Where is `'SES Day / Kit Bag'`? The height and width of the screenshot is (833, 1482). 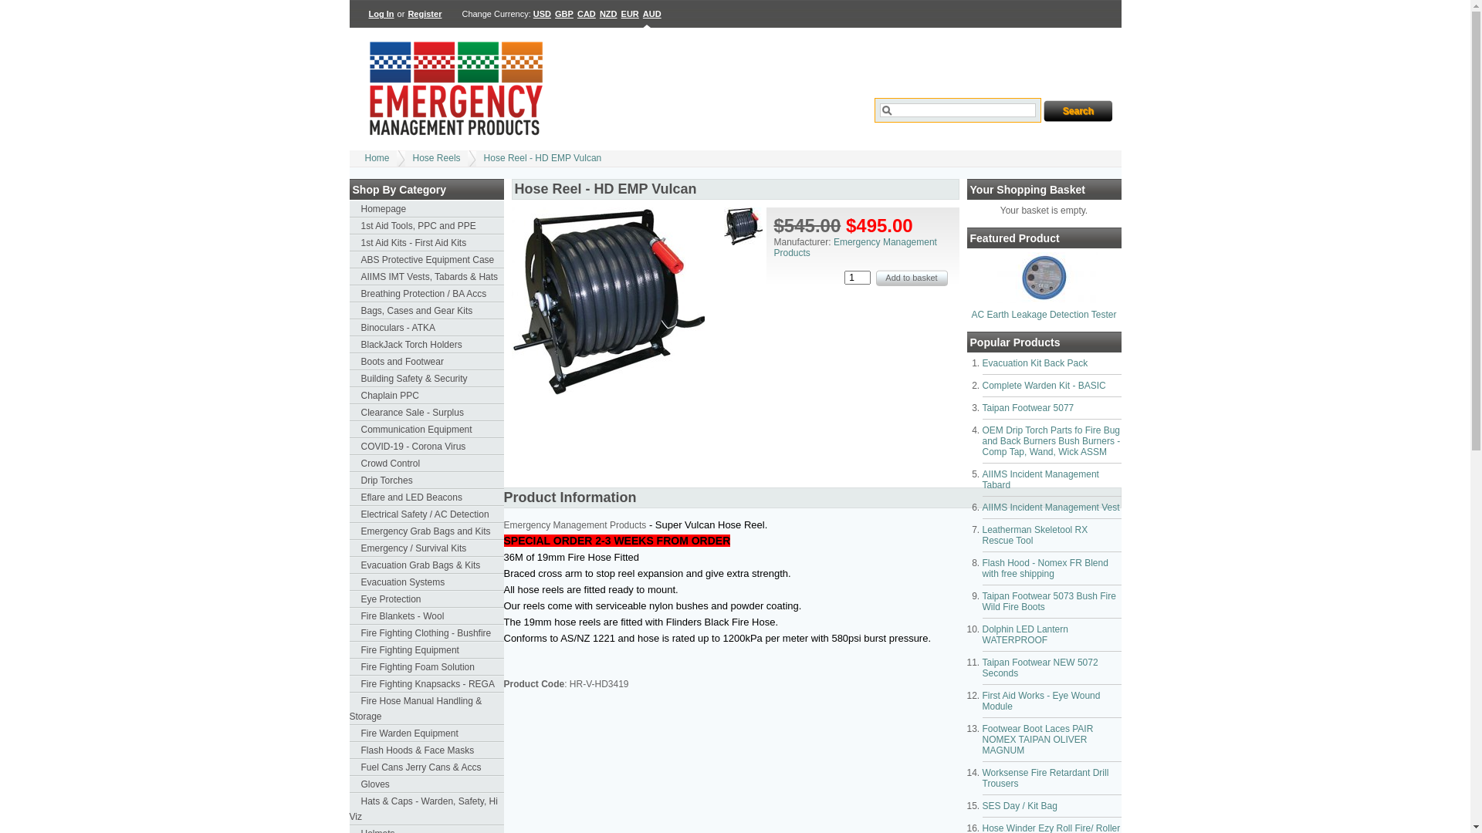
'SES Day / Kit Bag' is located at coordinates (1019, 805).